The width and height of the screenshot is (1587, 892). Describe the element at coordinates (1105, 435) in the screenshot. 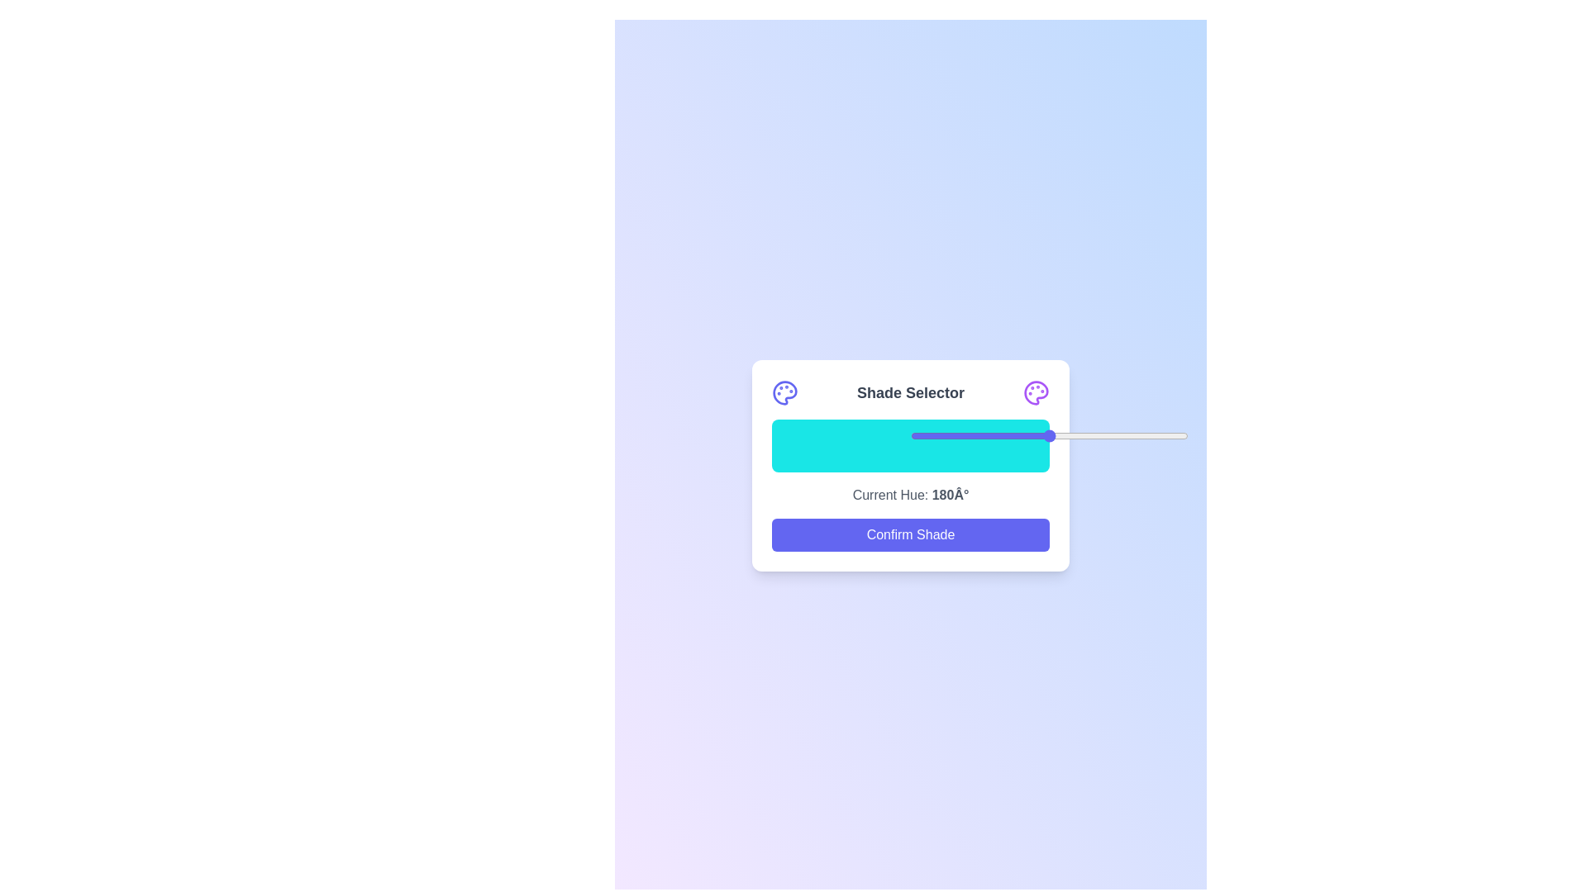

I see `the slider to set the shade to 70%` at that location.